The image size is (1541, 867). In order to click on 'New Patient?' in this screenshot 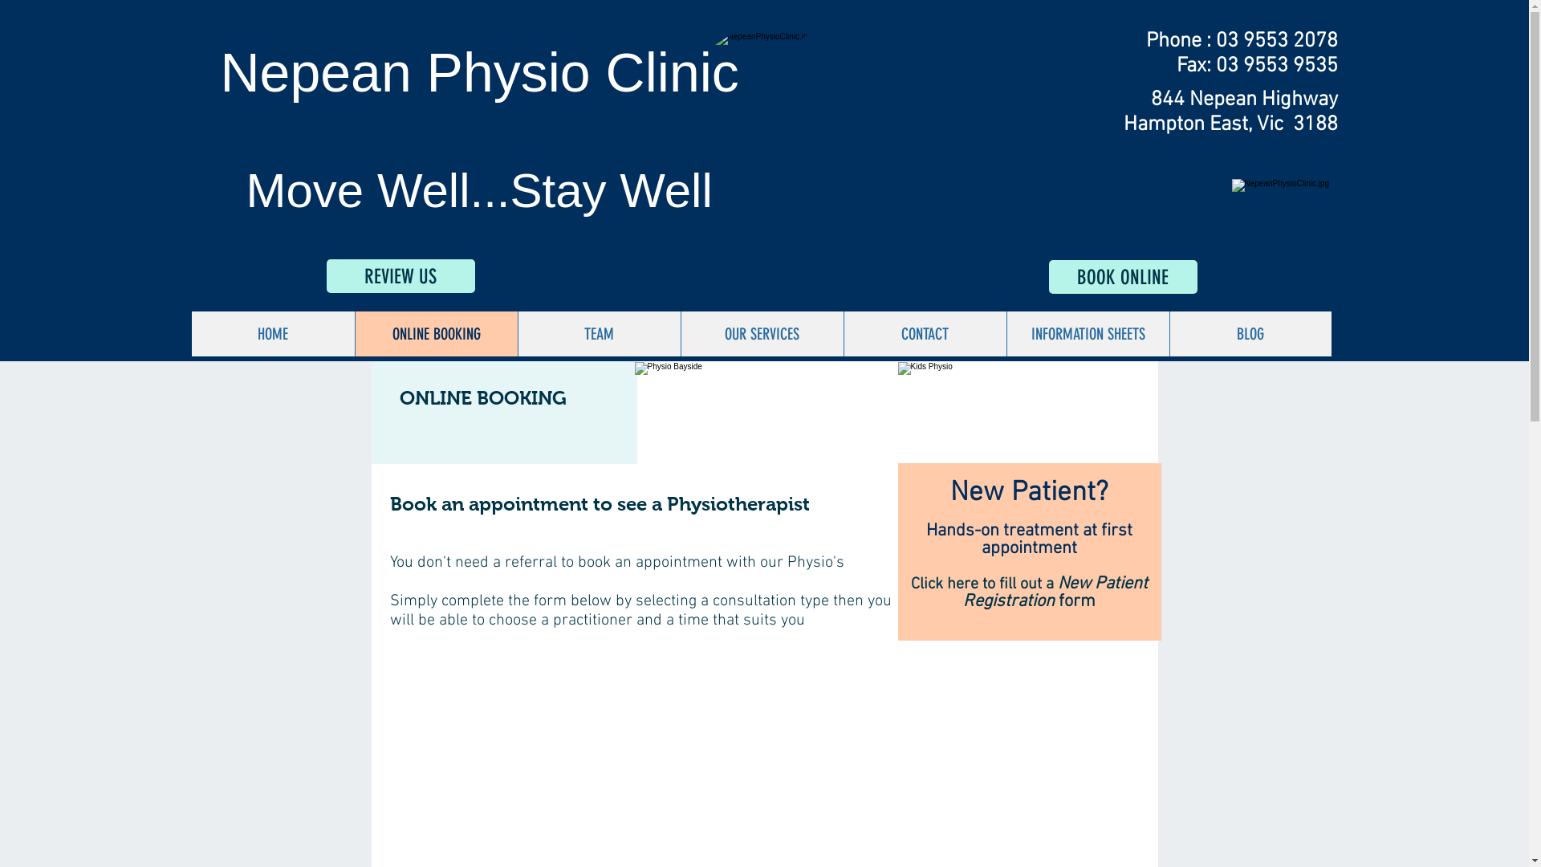, I will do `click(1029, 491)`.